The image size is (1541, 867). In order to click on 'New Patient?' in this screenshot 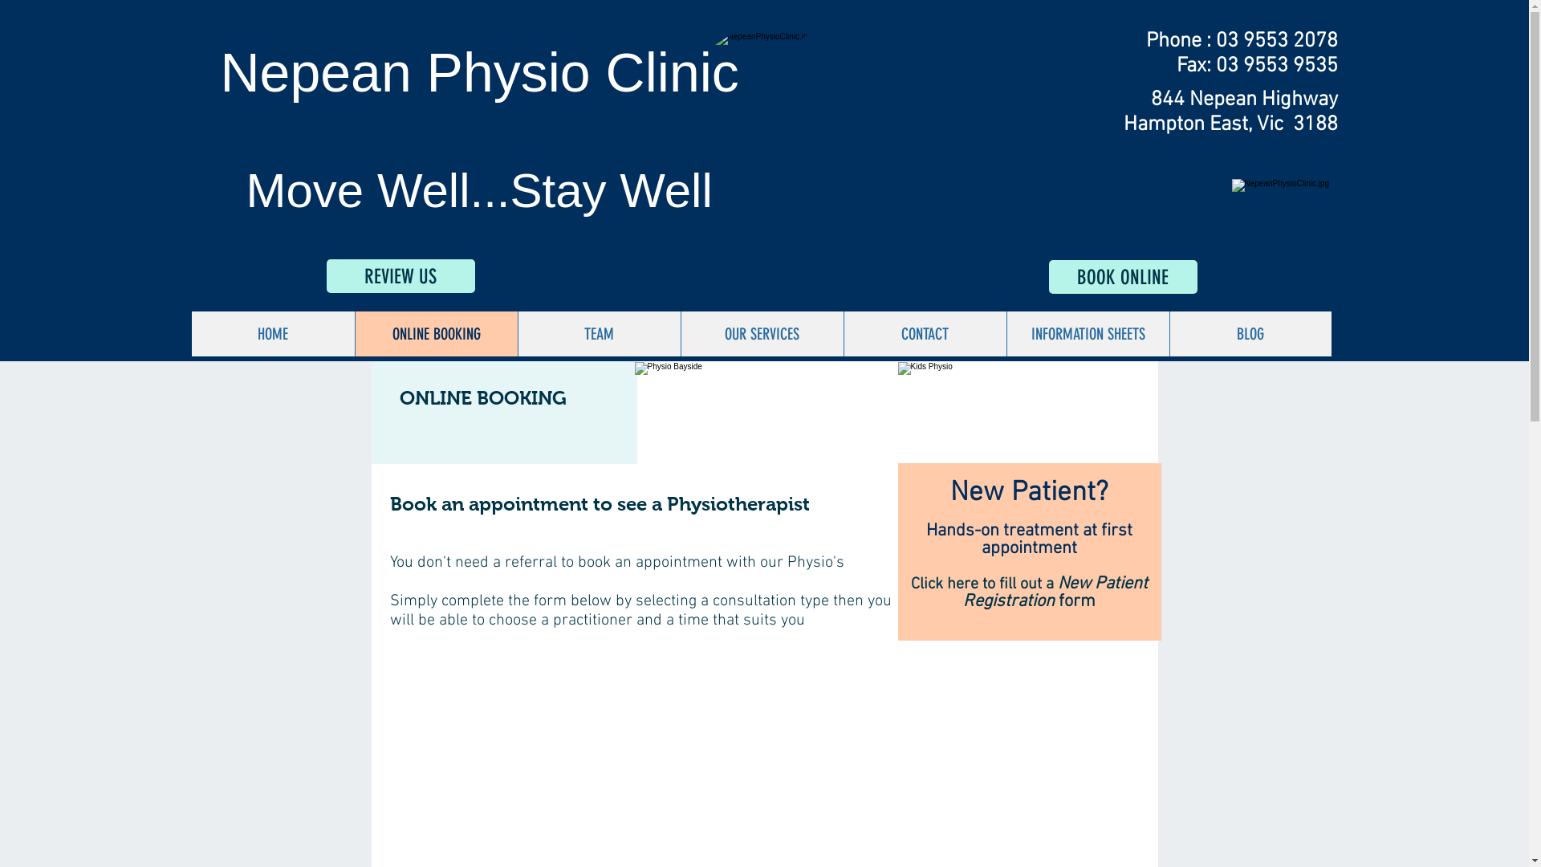, I will do `click(1029, 491)`.